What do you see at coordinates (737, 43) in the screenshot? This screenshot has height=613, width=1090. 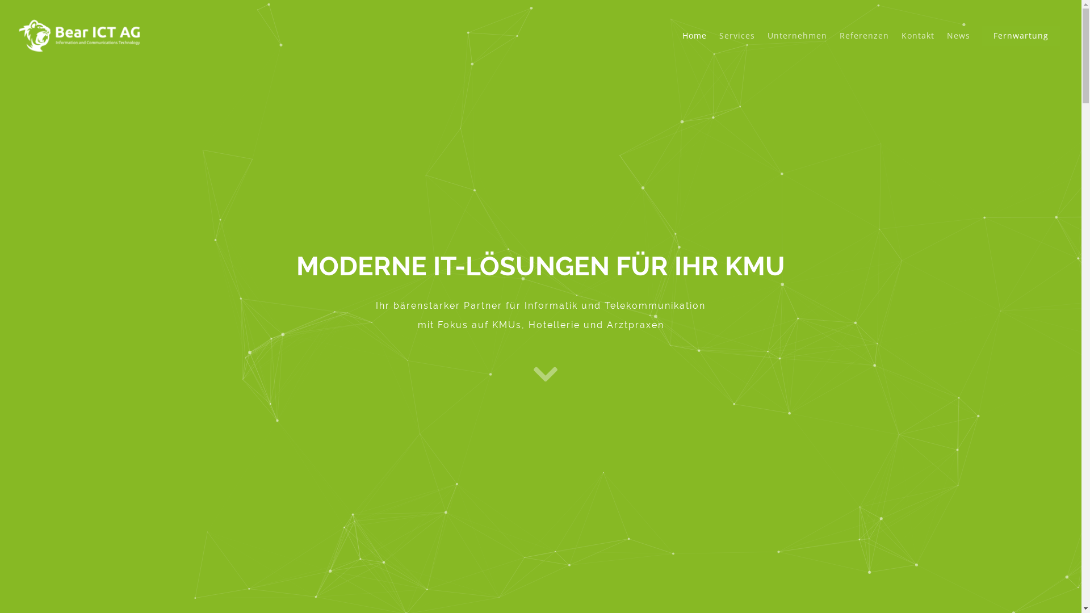 I see `'Services'` at bounding box center [737, 43].